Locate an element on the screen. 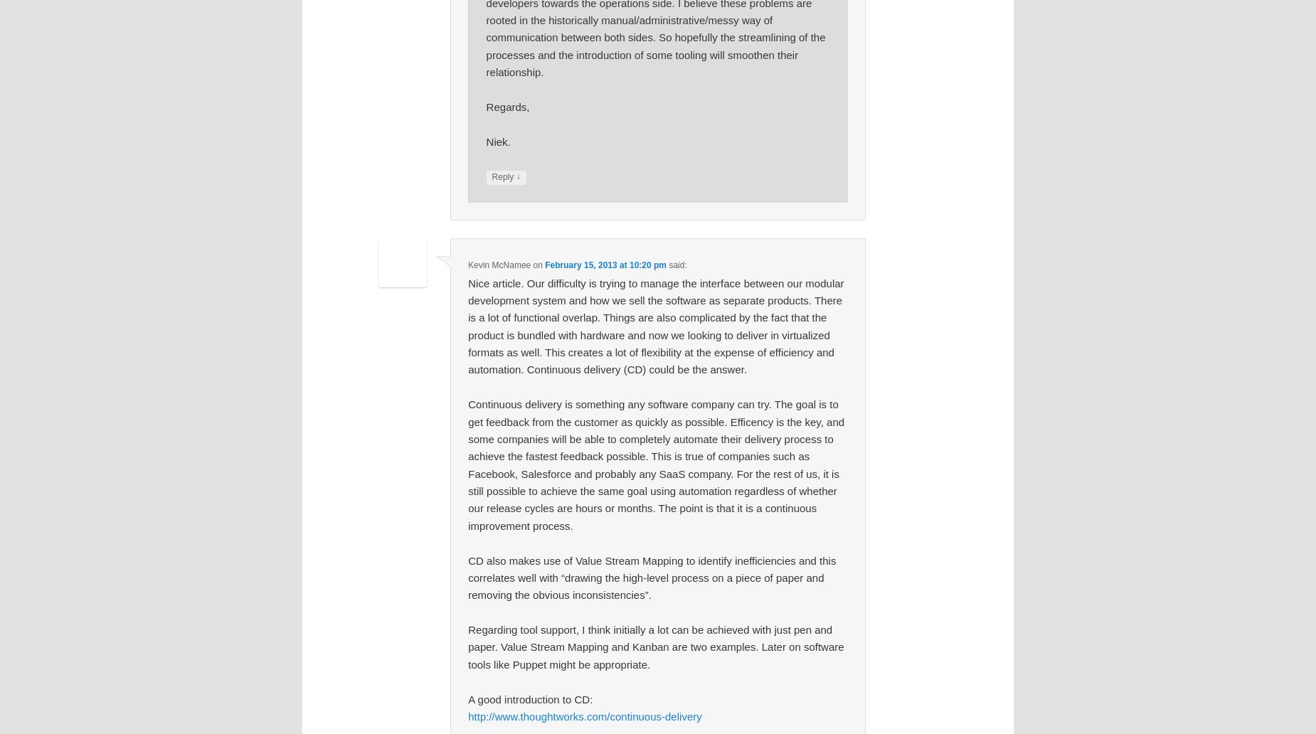 The image size is (1316, 734). 'said:' is located at coordinates (667, 265).